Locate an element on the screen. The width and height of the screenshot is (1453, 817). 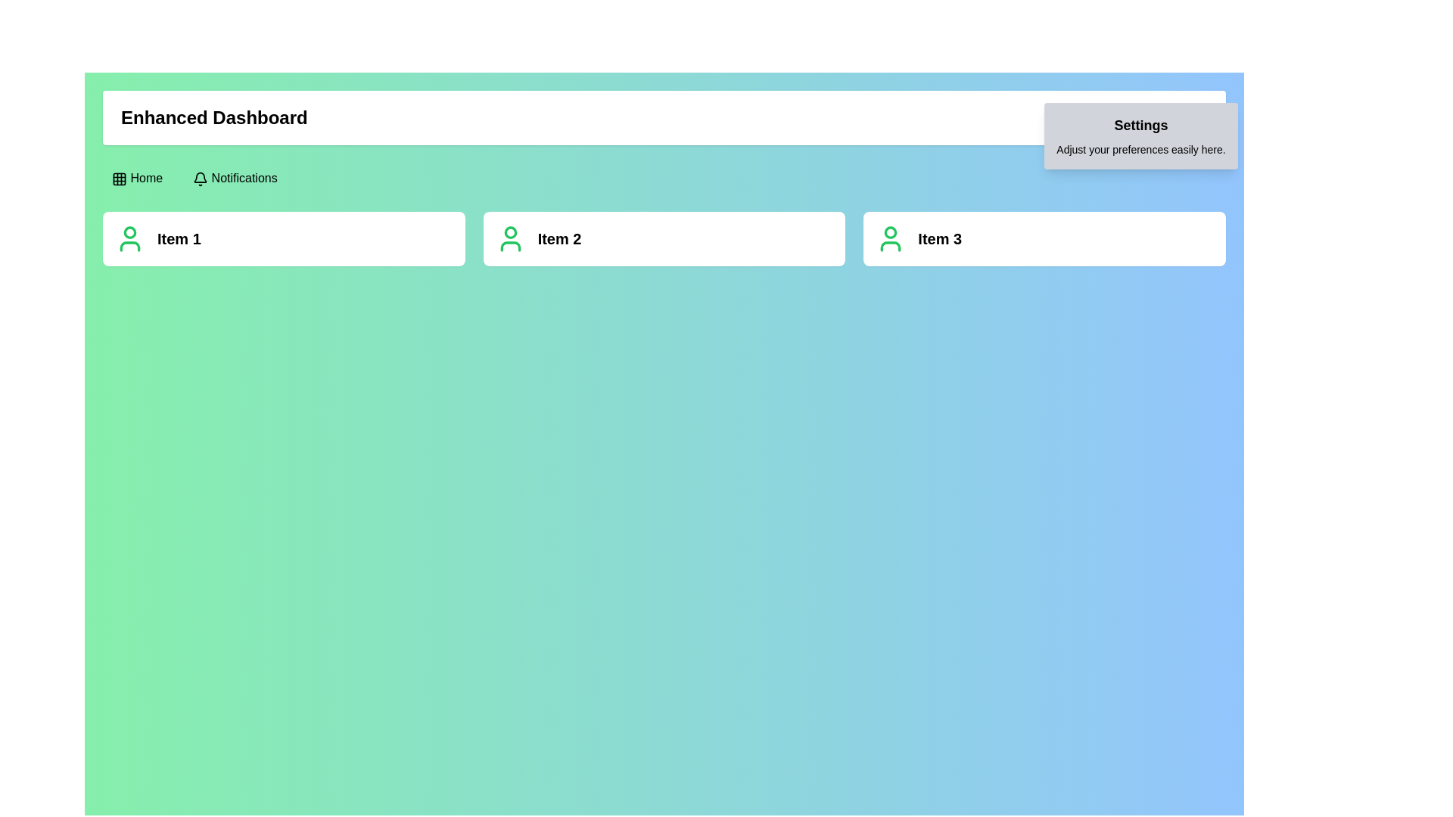
the 'Settings' section title text label located at the top-right of the interface, above the text 'Adjust your preferences easily here.' is located at coordinates (1140, 124).